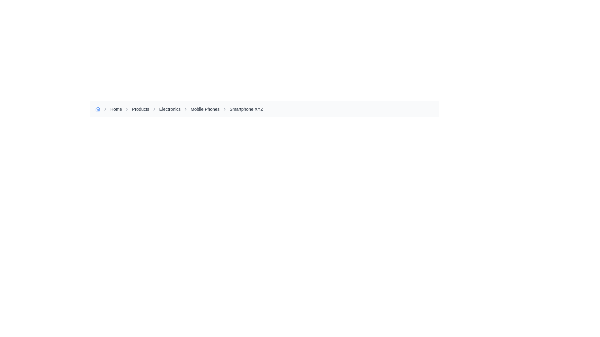  What do you see at coordinates (97, 108) in the screenshot?
I see `the 'Home' icon, which is a blue outlined house symbol located in the breadcrumb navigation bar at the top-left corner of the interface` at bounding box center [97, 108].